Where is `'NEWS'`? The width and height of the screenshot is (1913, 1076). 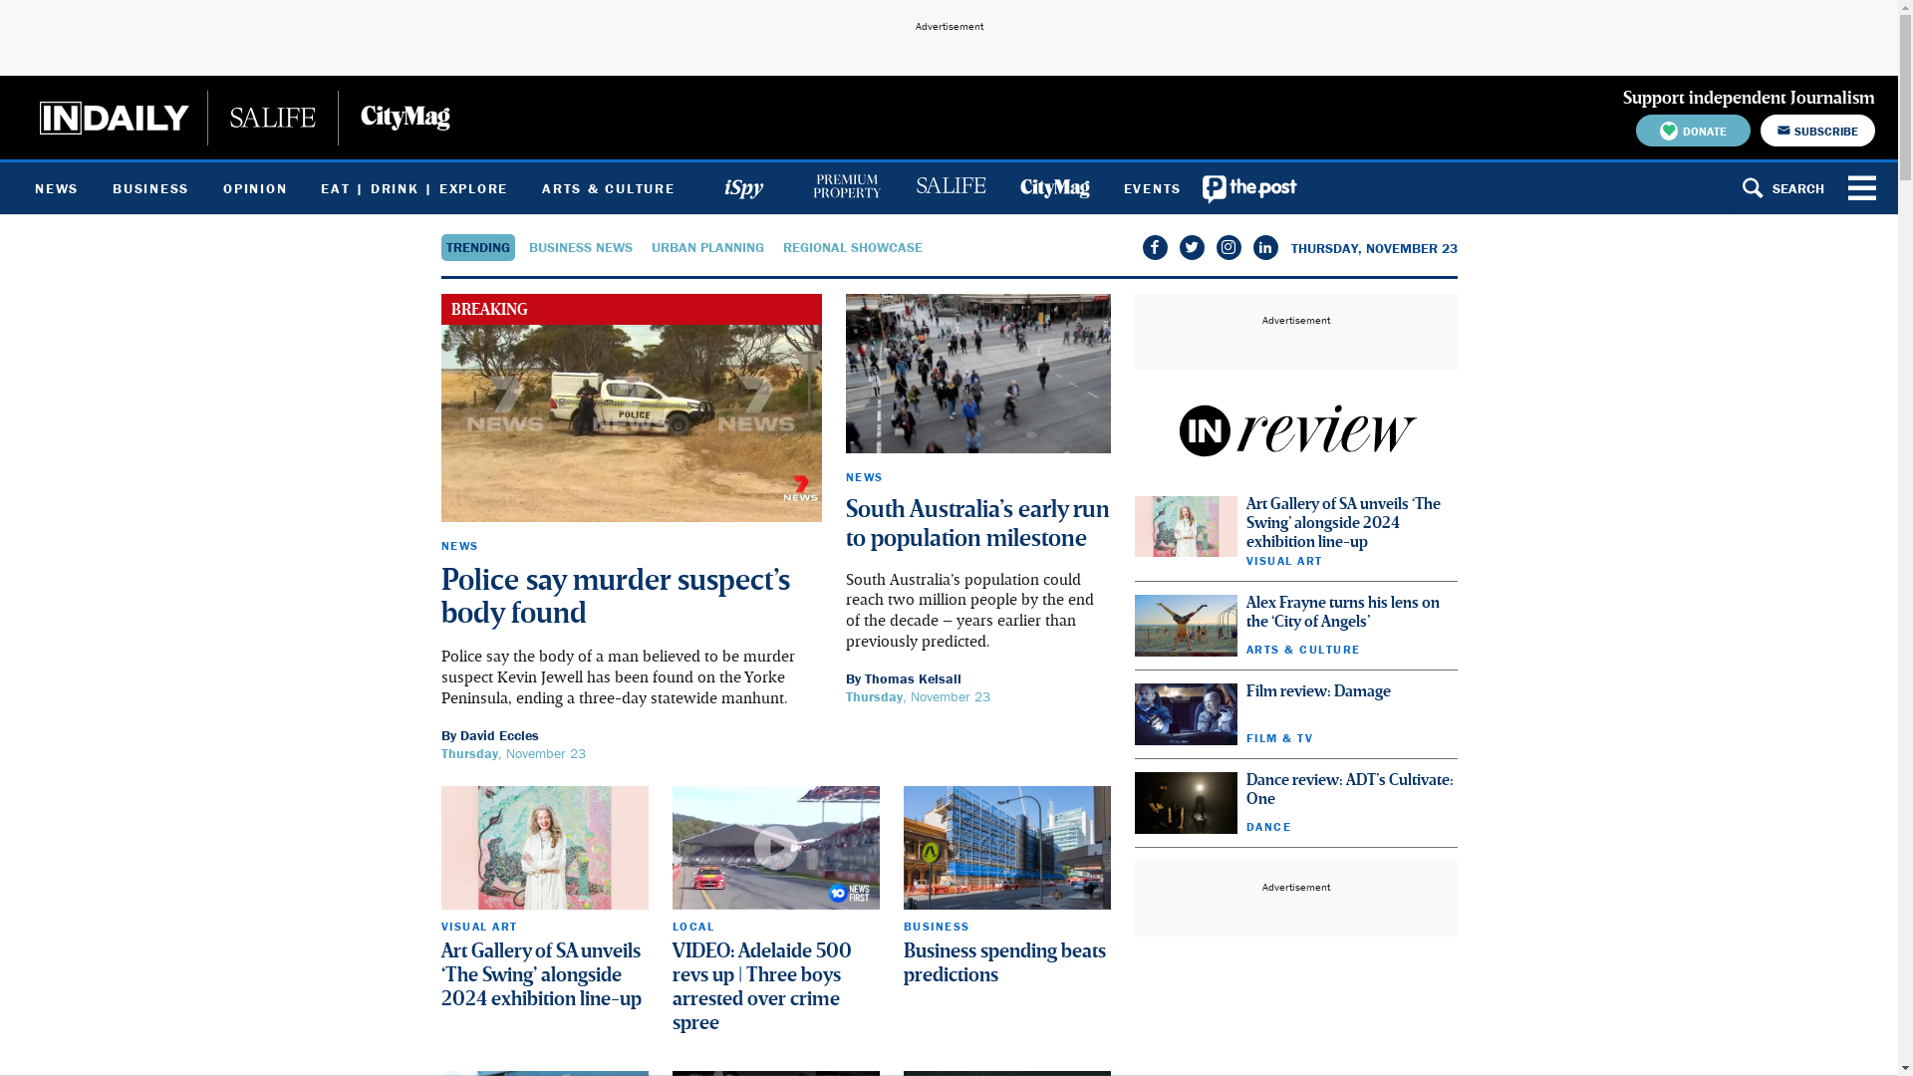
'NEWS' is located at coordinates (57, 188).